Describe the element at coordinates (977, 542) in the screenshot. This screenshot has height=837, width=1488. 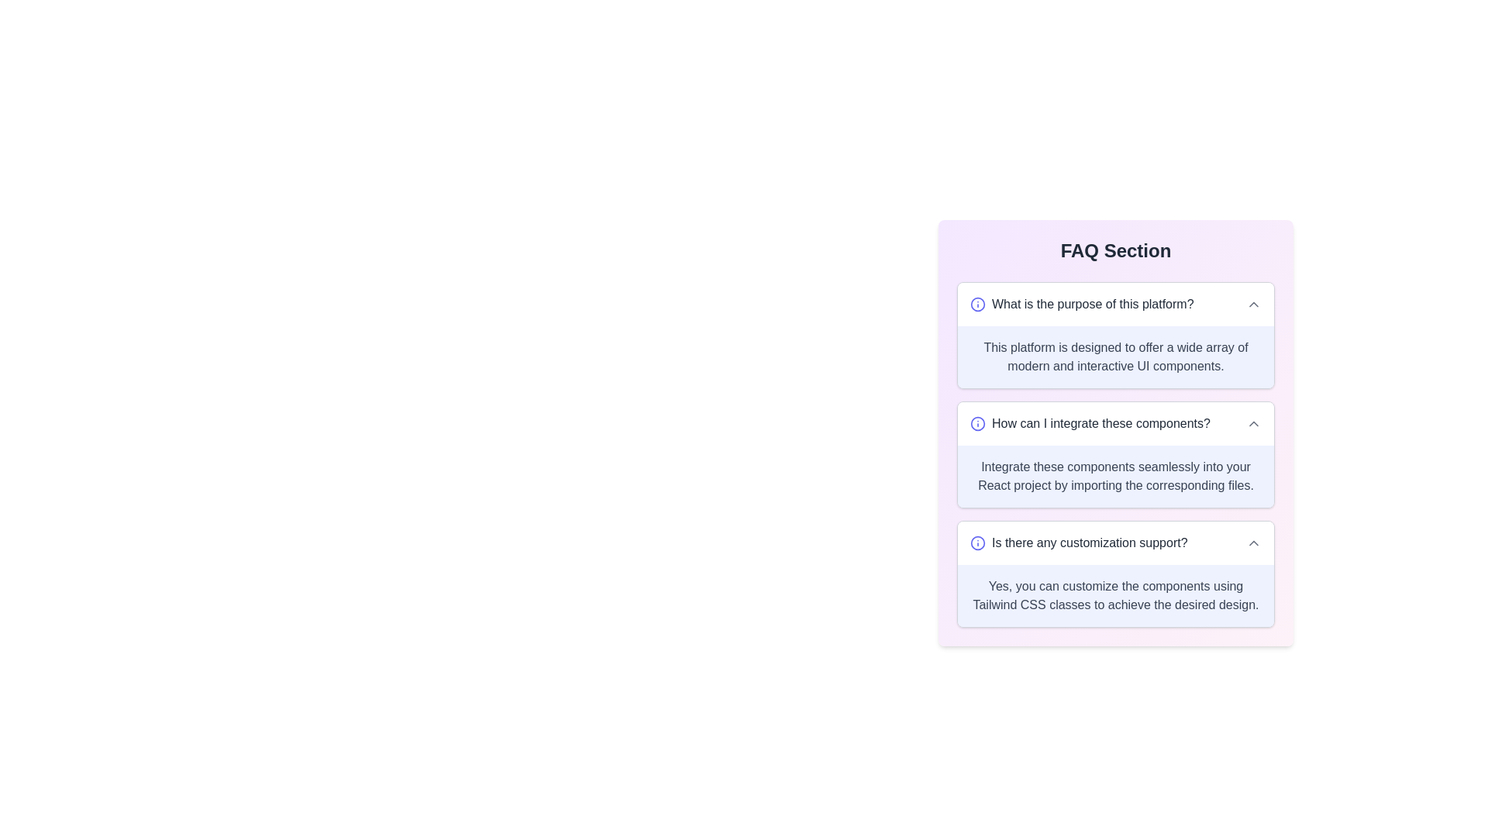
I see `the red circular SVG element that is part of the information icon next to the third FAQ item` at that location.